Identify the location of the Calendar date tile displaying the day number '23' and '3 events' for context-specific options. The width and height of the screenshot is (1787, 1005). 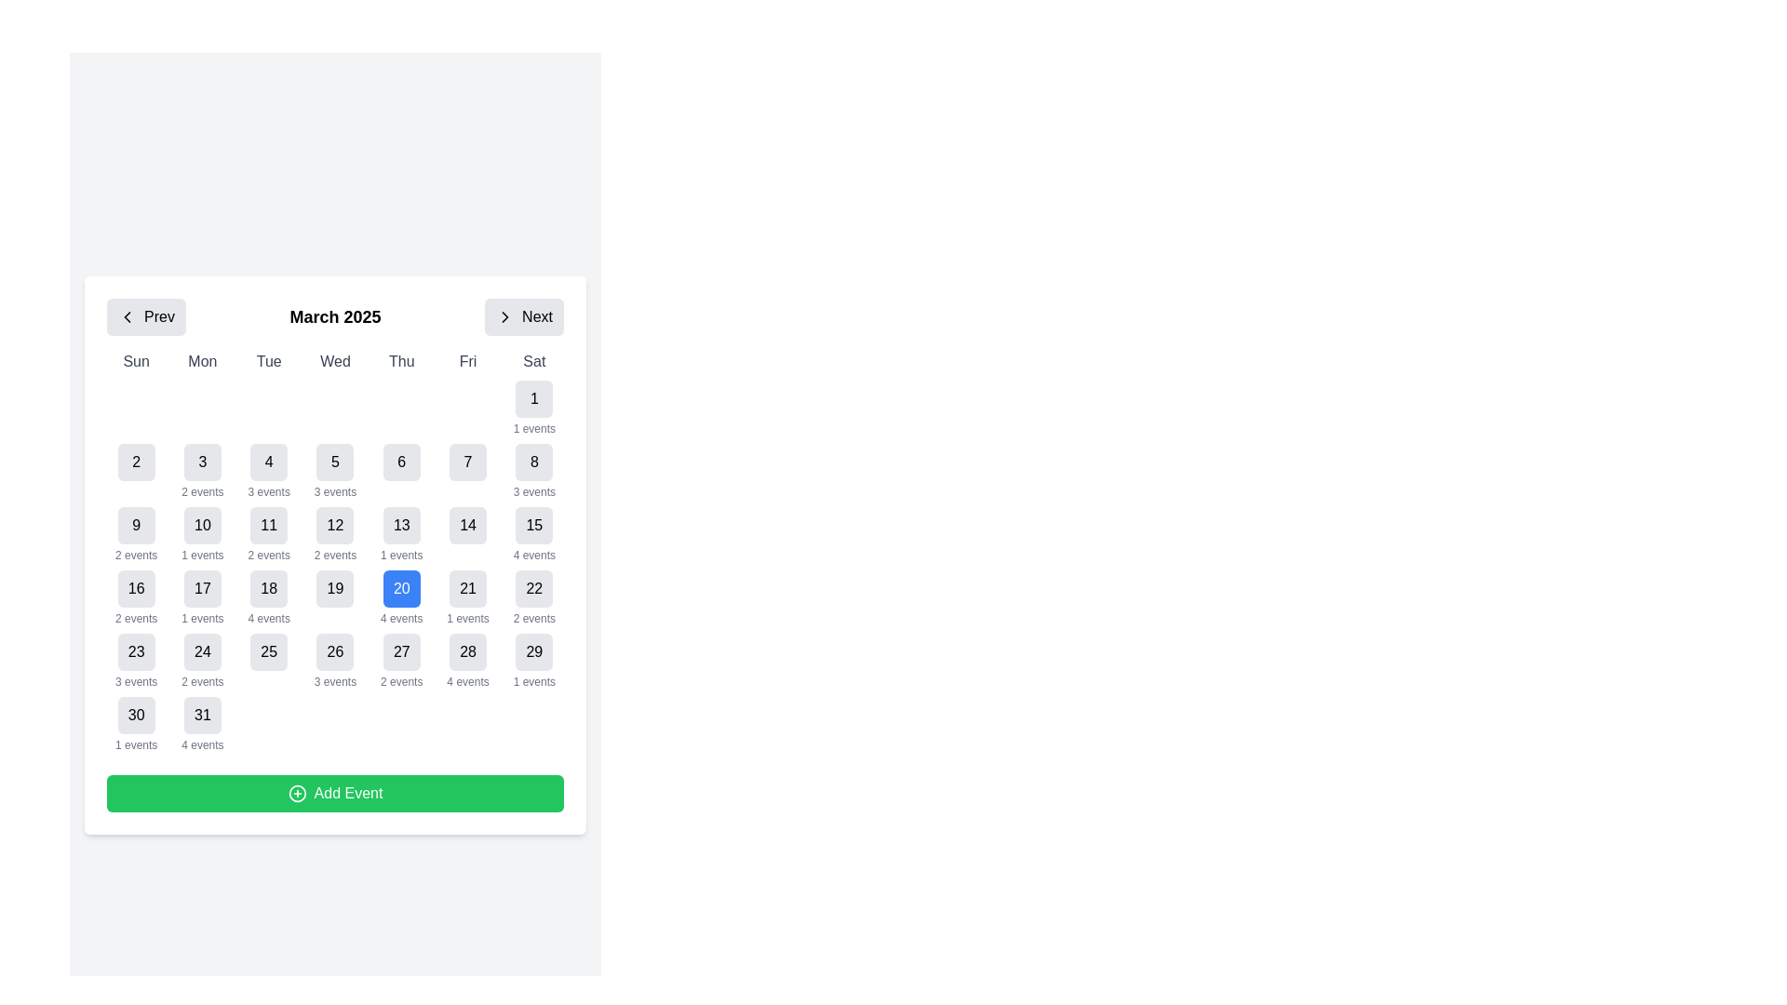
(135, 660).